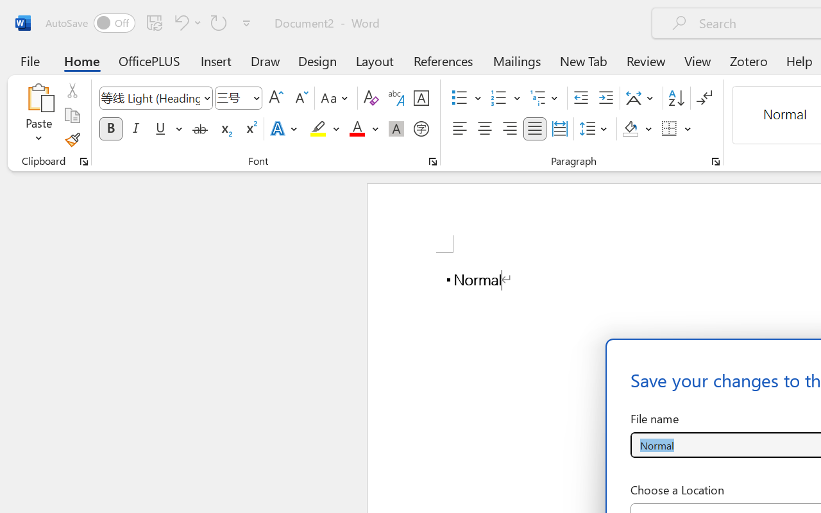 This screenshot has height=513, width=821. Describe the element at coordinates (370, 98) in the screenshot. I see `'Clear Formatting'` at that location.